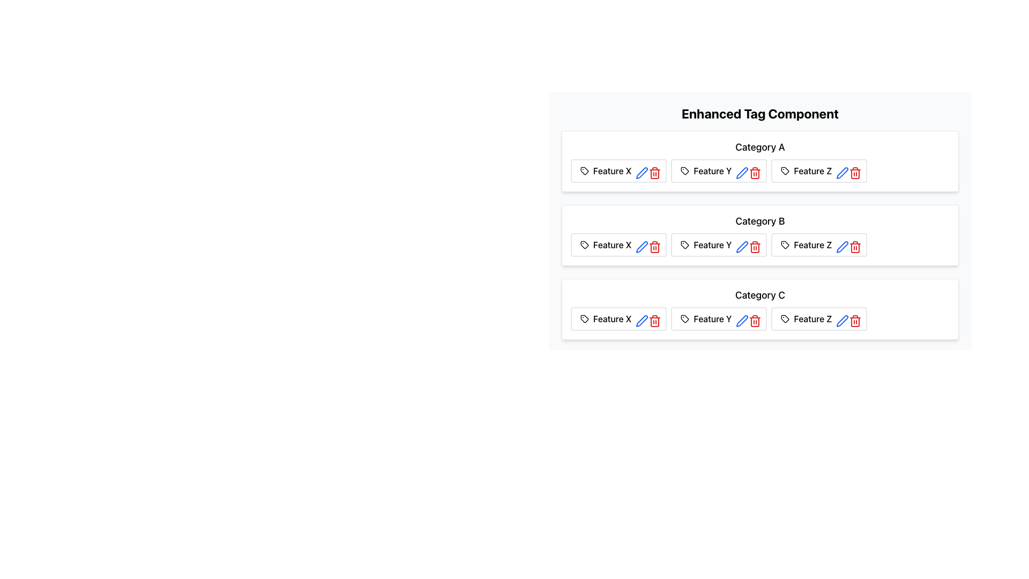  I want to click on the 'Edit' button located in the 'Category C' section next to 'Feature X', so click(642, 320).